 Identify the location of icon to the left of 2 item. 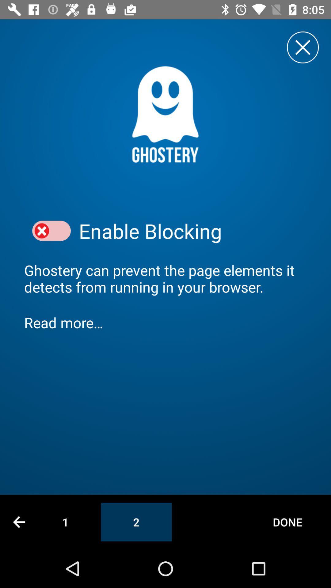
(65, 522).